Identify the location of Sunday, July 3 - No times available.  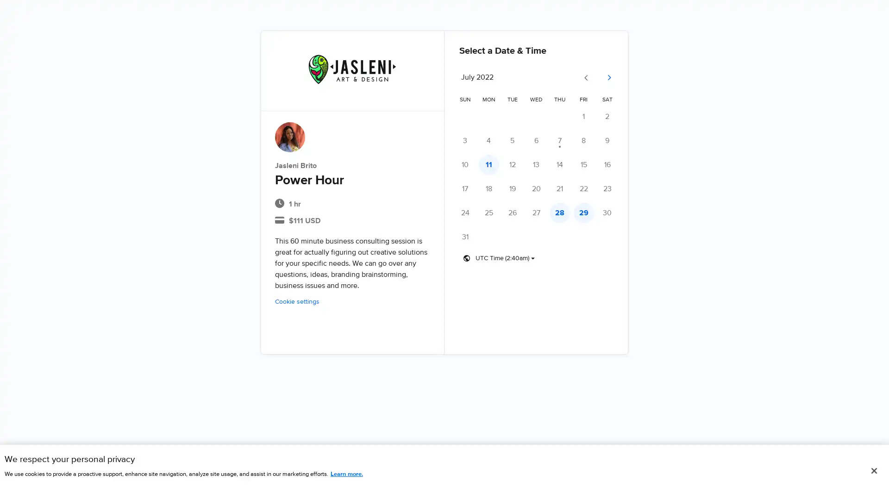
(464, 141).